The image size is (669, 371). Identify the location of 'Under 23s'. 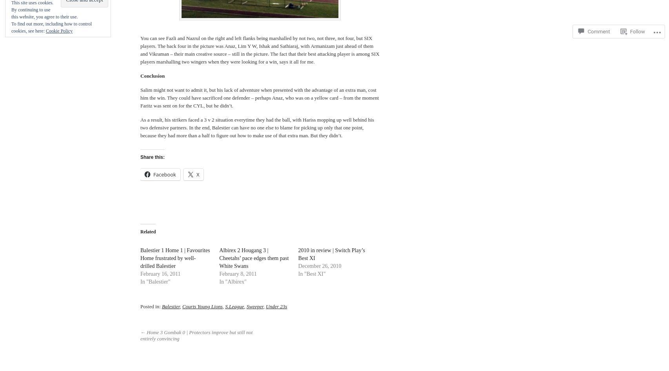
(265, 306).